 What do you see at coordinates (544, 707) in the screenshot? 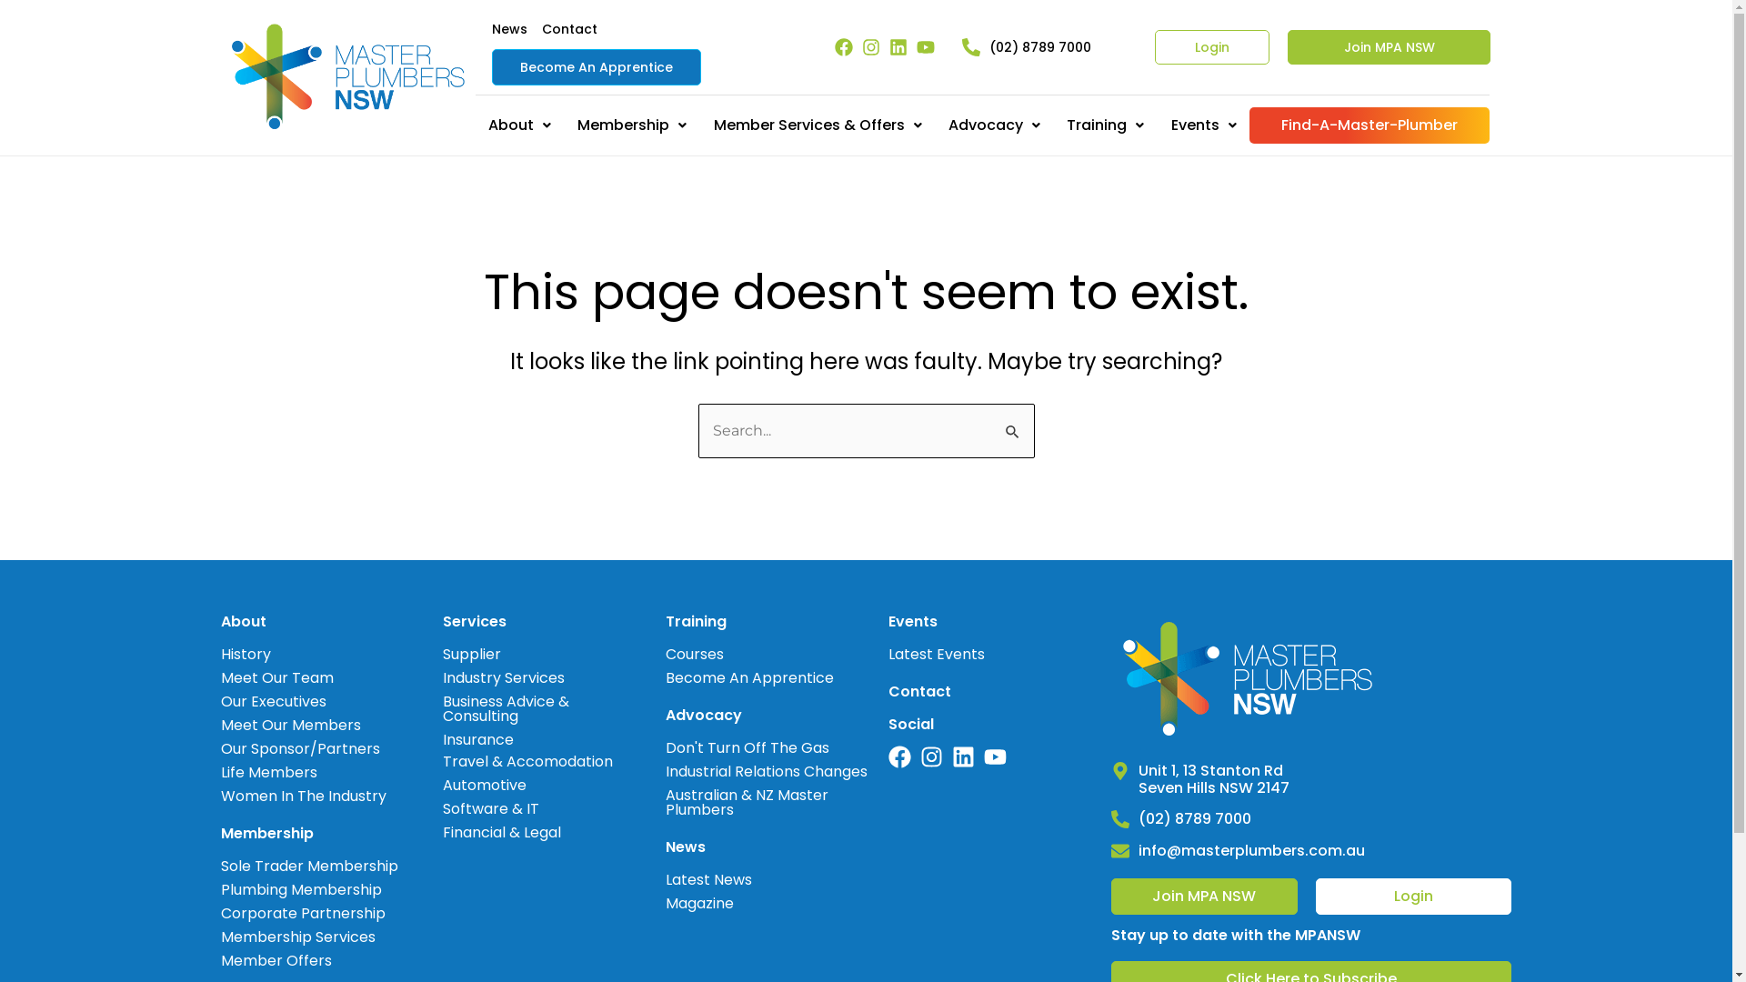
I see `'Business Advice & Consulting'` at bounding box center [544, 707].